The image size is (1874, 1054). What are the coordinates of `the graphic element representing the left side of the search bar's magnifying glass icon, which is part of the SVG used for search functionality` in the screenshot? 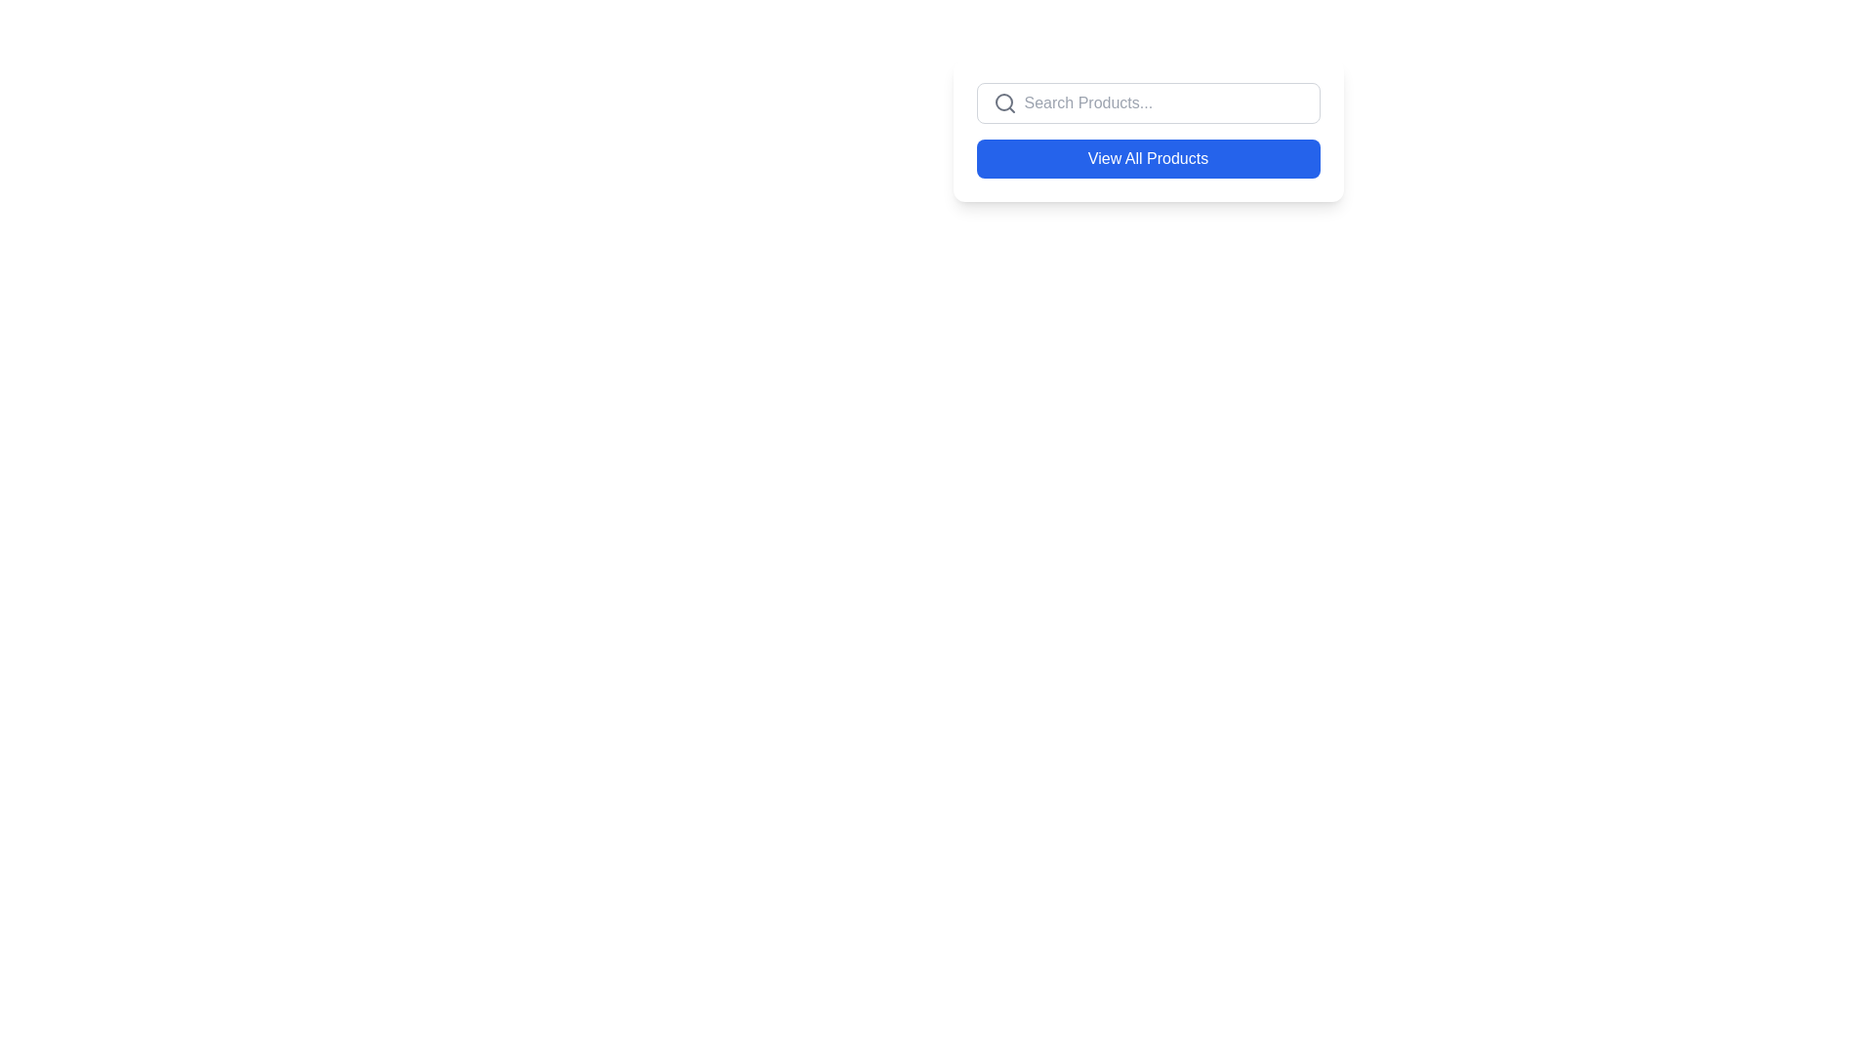 It's located at (1003, 101).